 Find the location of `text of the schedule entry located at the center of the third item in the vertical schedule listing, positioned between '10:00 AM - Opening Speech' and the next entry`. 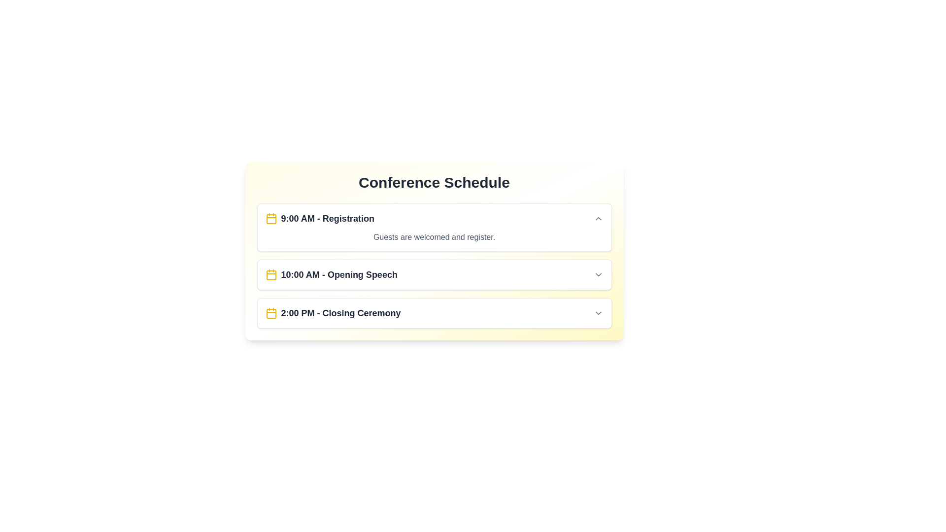

text of the schedule entry located at the center of the third item in the vertical schedule listing, positioned between '10:00 AM - Opening Speech' and the next entry is located at coordinates (333, 313).